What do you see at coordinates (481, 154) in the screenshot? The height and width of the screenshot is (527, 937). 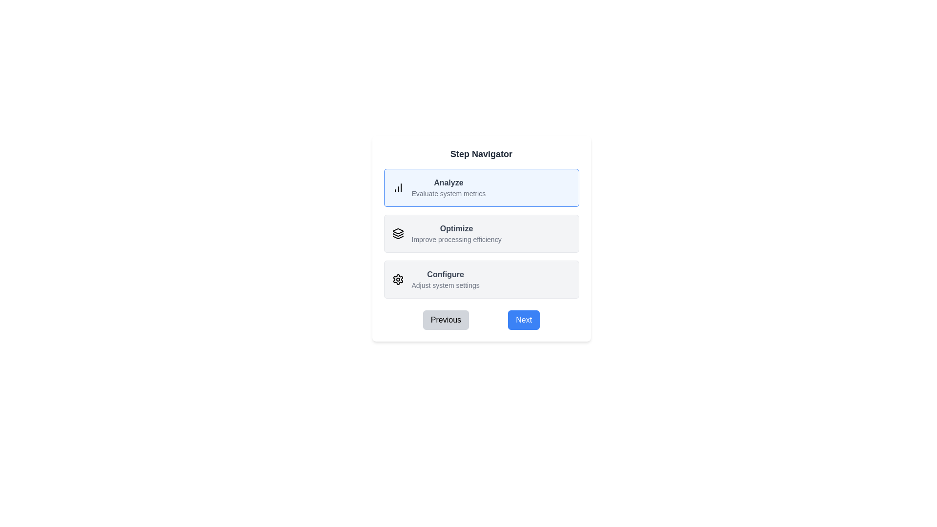 I see `the static header text that indicates the section for navigating through steps, located at the top center of a white rounded box, above the options 'Analyze', 'Optimize', and 'Configure'` at bounding box center [481, 154].